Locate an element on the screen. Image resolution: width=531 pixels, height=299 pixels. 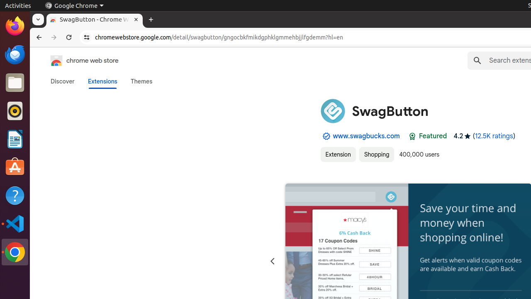
'View site information' is located at coordinates (87, 37).